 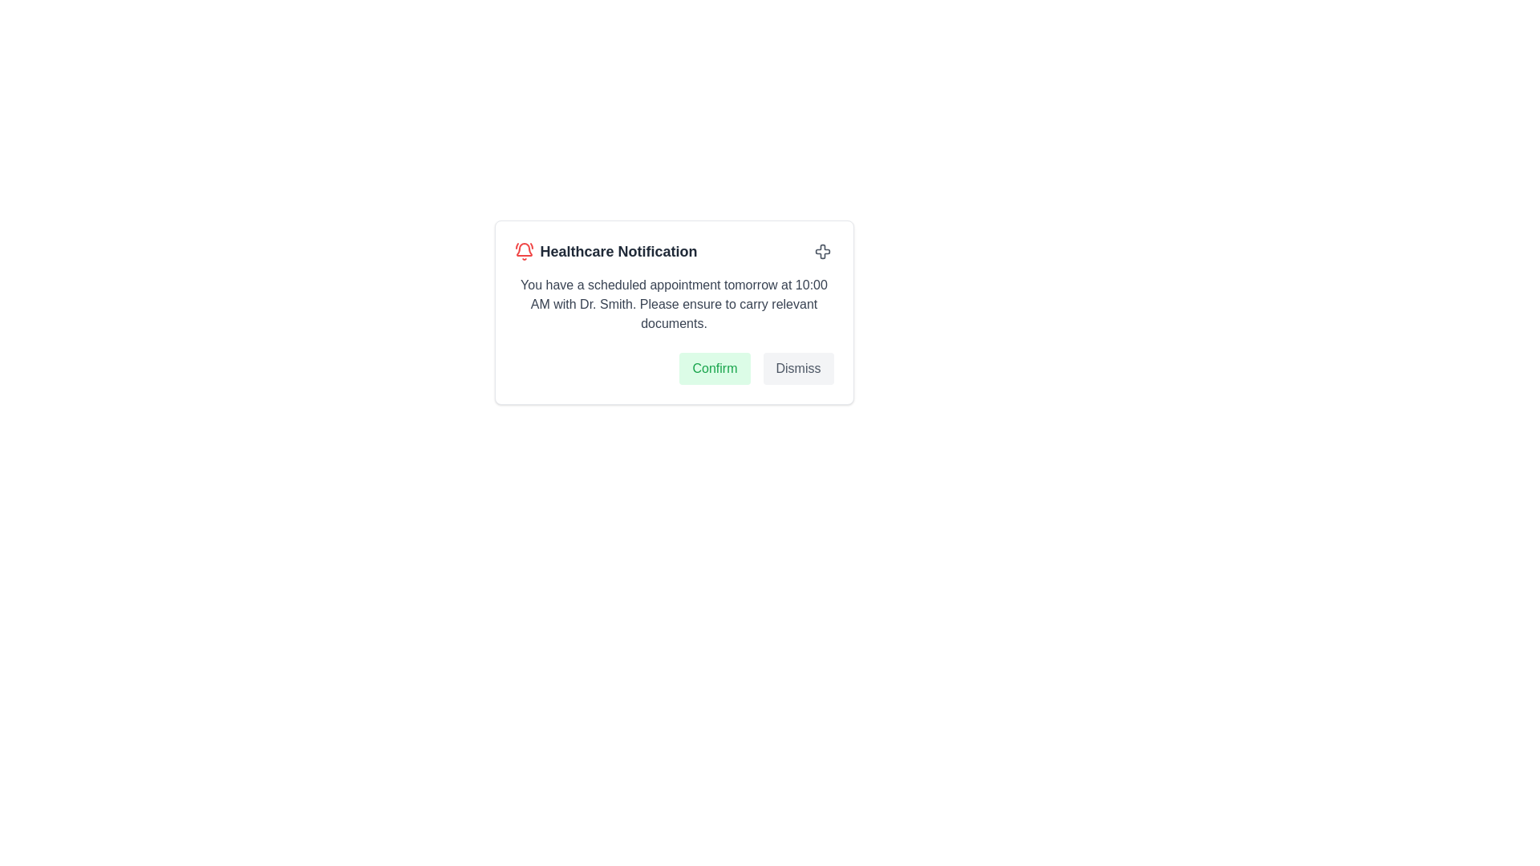 I want to click on the static text element displaying the notification message about the scheduled appointment with Dr. Smith, so click(x=674, y=305).